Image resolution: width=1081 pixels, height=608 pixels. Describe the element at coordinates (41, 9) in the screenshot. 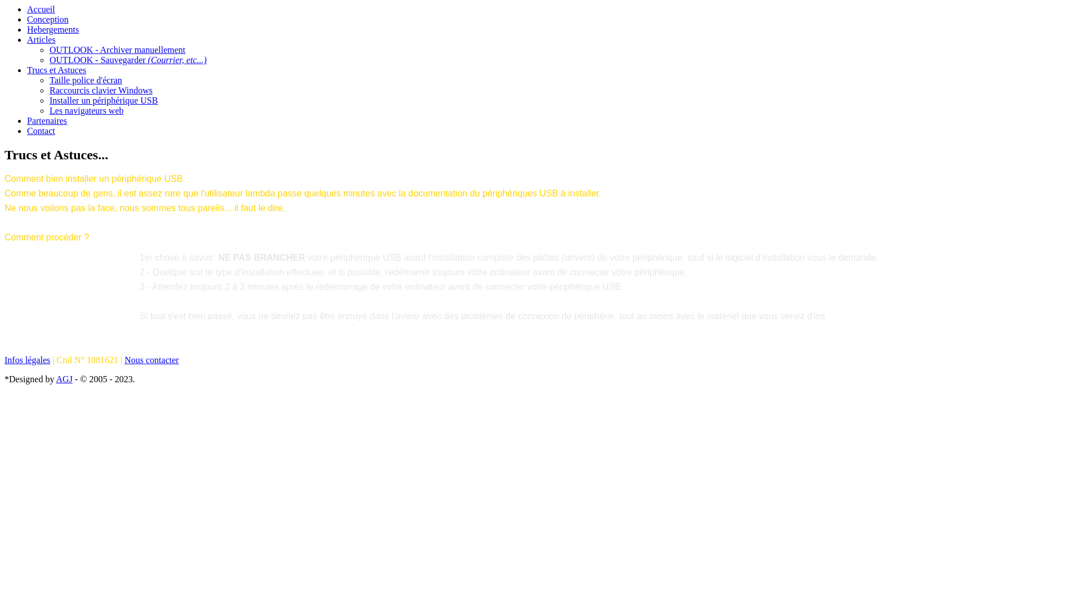

I see `'Accueil'` at that location.